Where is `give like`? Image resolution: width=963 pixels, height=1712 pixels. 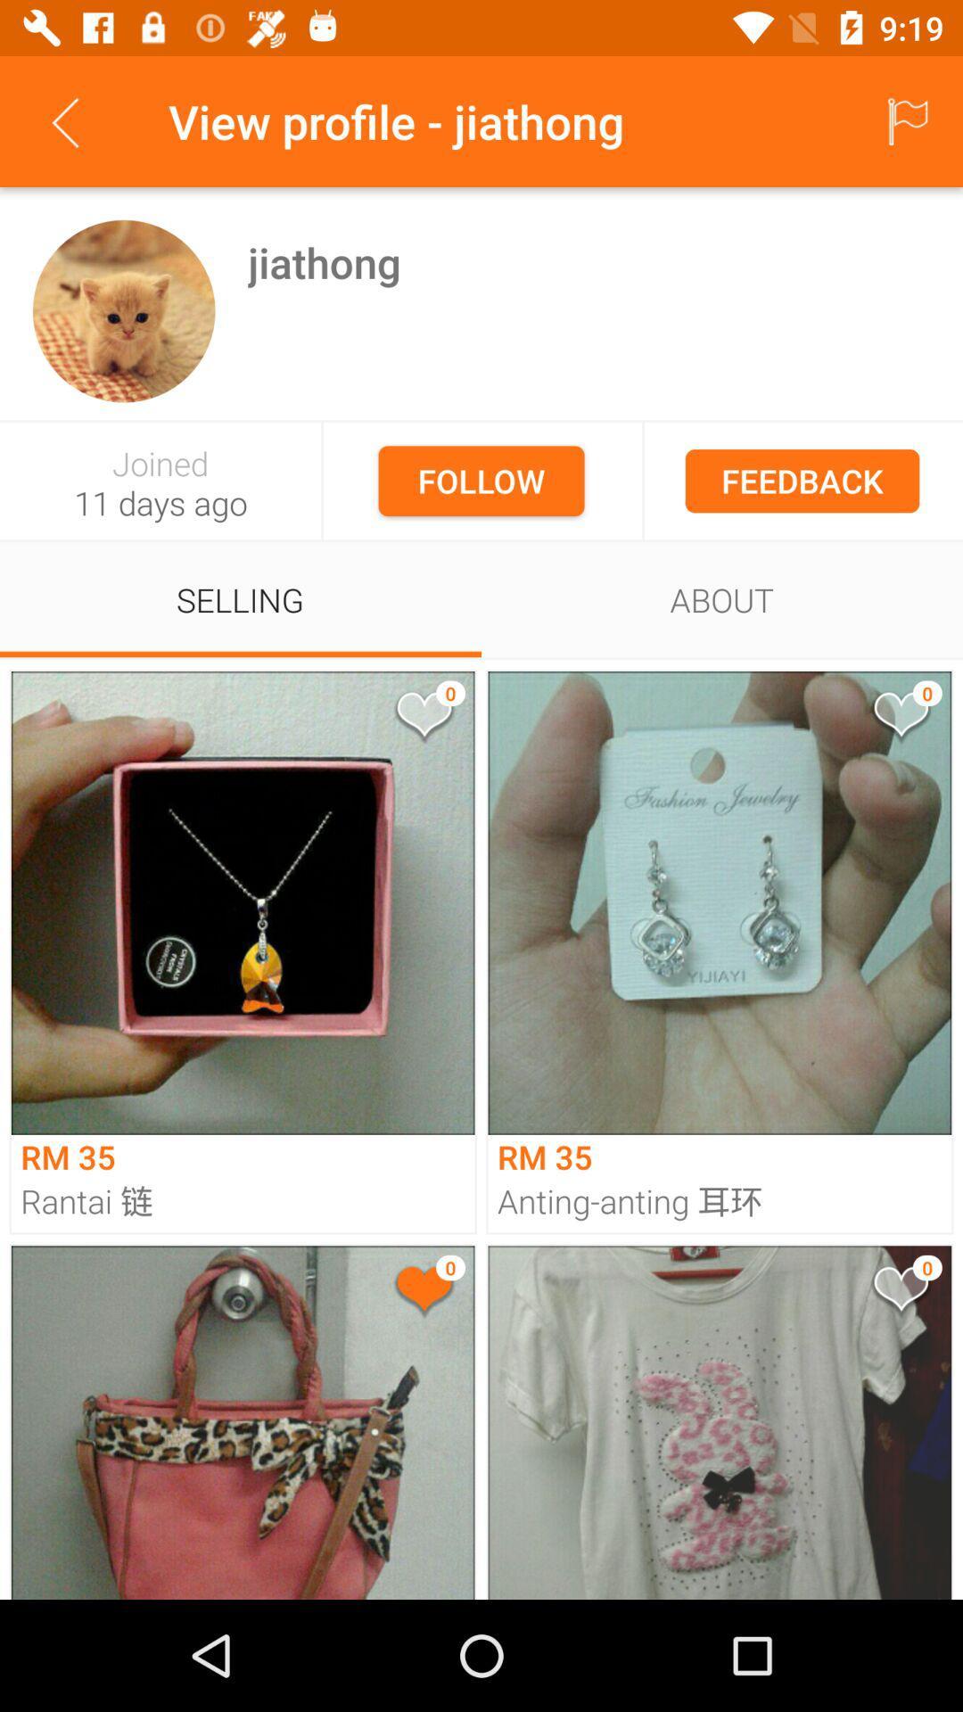
give like is located at coordinates (900, 1292).